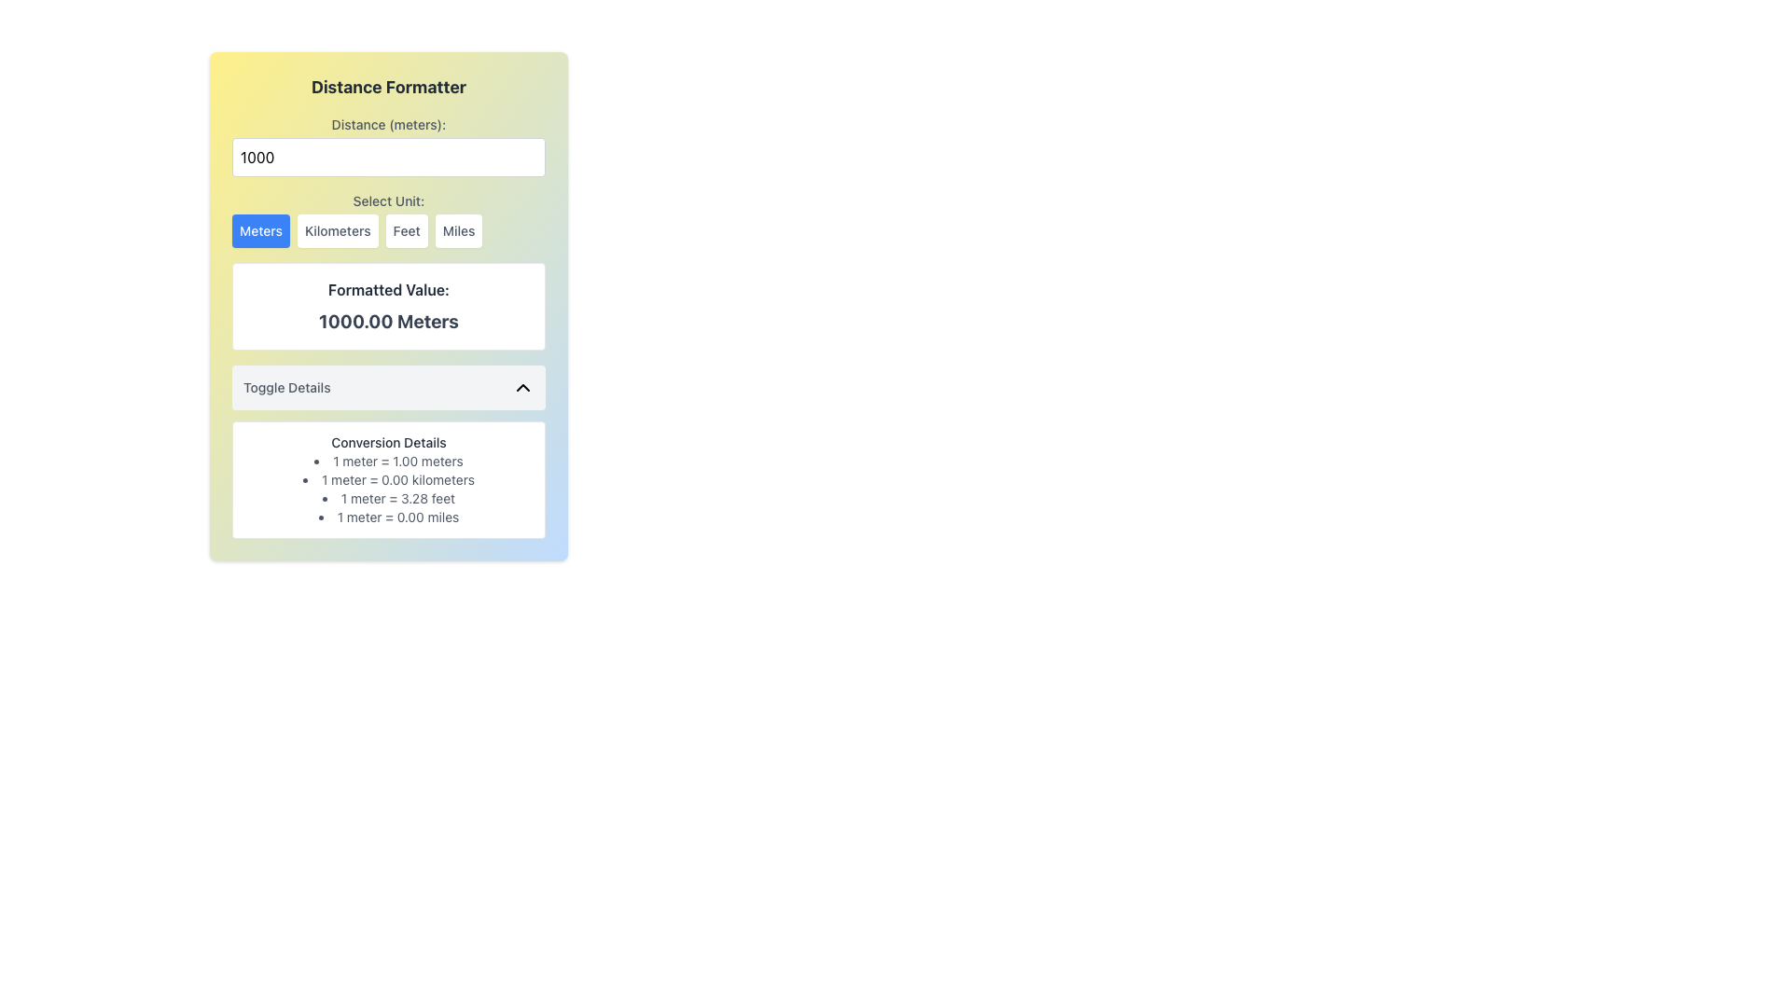 This screenshot has width=1791, height=1007. I want to click on the Label element displaying 'Formatted Value:' which is bold and dark-colored, aligned to the left, located above the value '1000.00 Meters', so click(388, 290).